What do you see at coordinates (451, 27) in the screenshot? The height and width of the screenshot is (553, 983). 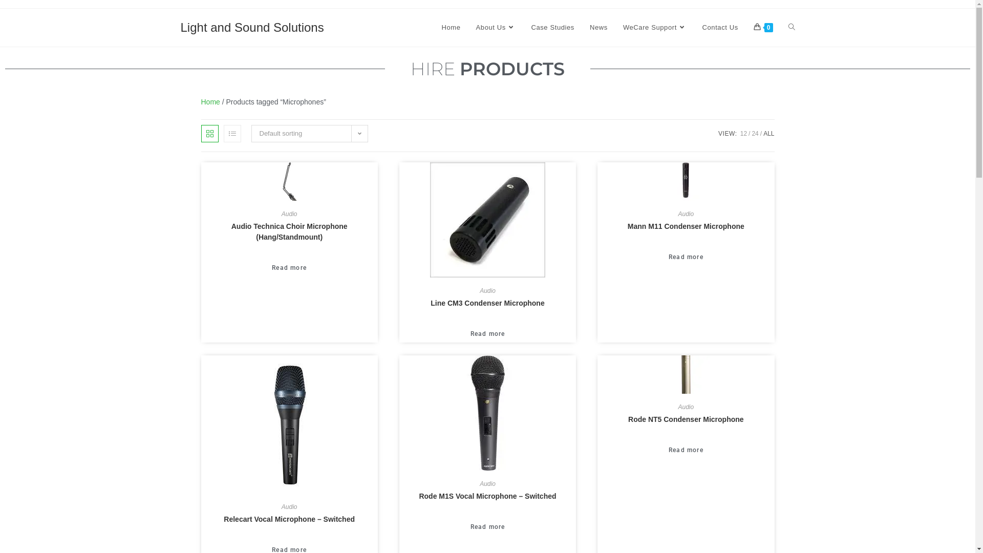 I see `'Home'` at bounding box center [451, 27].